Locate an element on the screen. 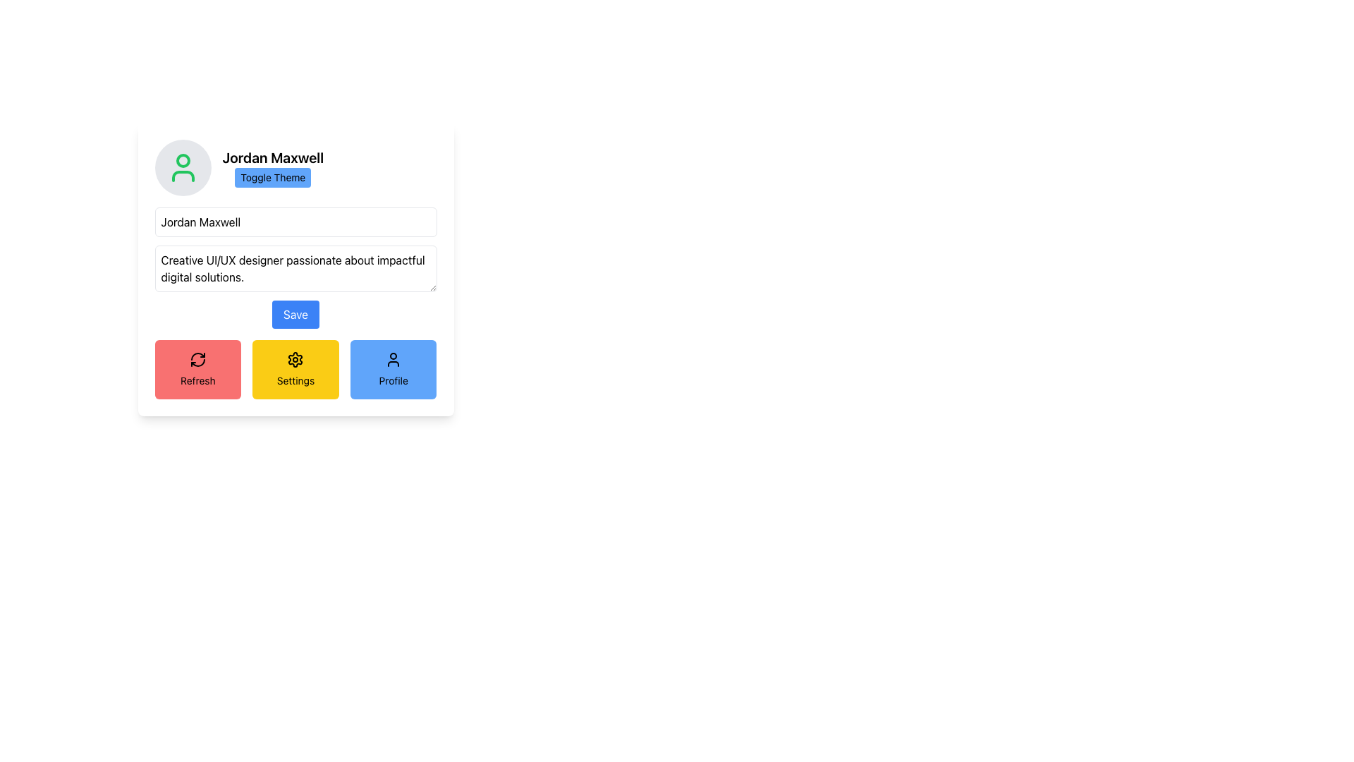  the interactive 'Settings' button with a yellow background located below the 'Save' button and between the 'Refresh' and 'Profile' buttons is located at coordinates (295, 369).